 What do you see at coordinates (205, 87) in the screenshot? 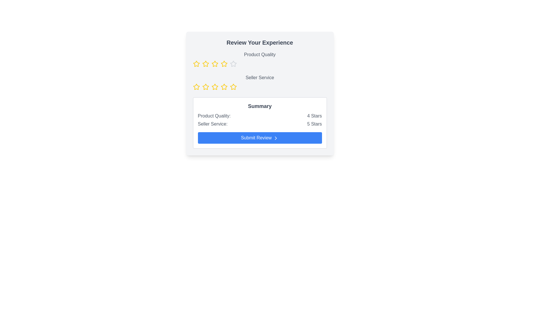
I see `the third yellow outlined star icon in the rating row under 'Seller Service'` at bounding box center [205, 87].